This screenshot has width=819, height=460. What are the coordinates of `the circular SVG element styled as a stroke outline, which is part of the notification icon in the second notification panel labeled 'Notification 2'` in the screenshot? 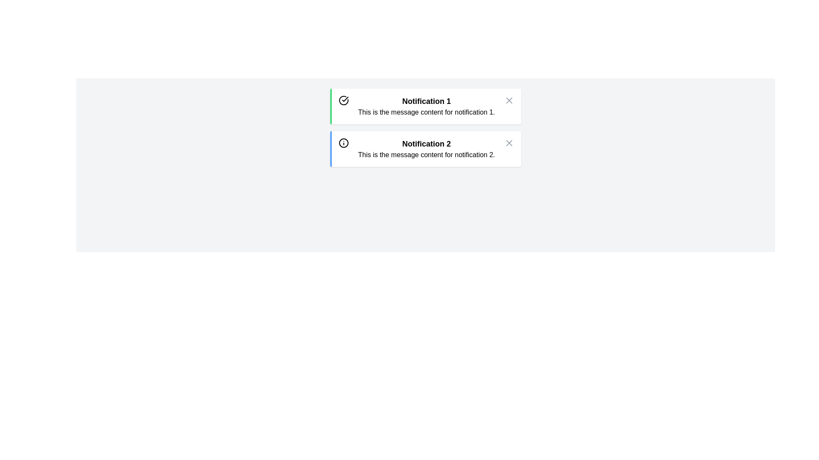 It's located at (344, 142).